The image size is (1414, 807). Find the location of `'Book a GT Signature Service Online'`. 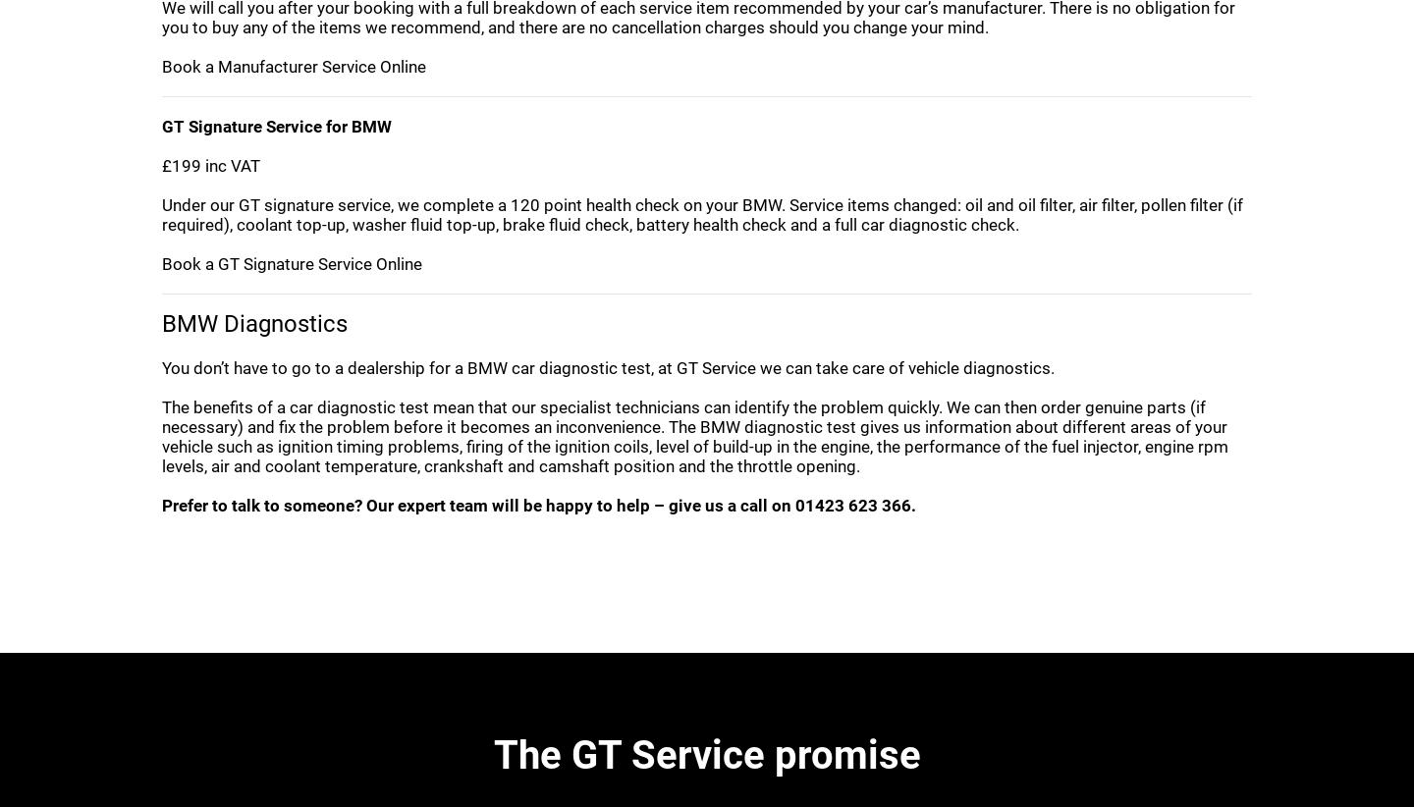

'Book a GT Signature Service Online' is located at coordinates (291, 261).